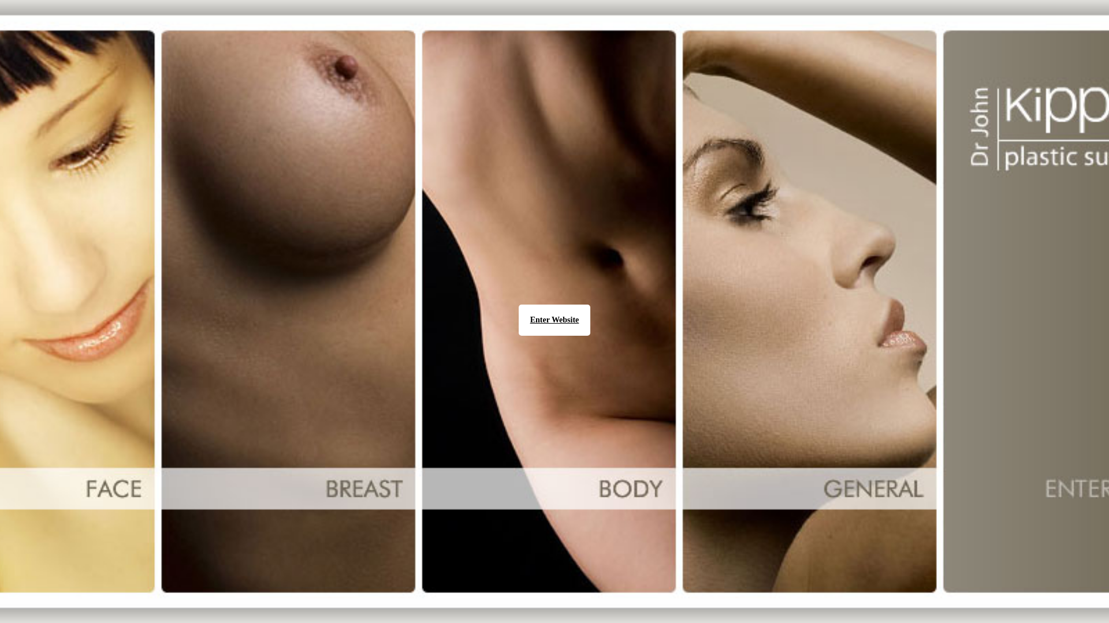 The image size is (1109, 623). What do you see at coordinates (554, 320) in the screenshot?
I see `'Enter Website'` at bounding box center [554, 320].